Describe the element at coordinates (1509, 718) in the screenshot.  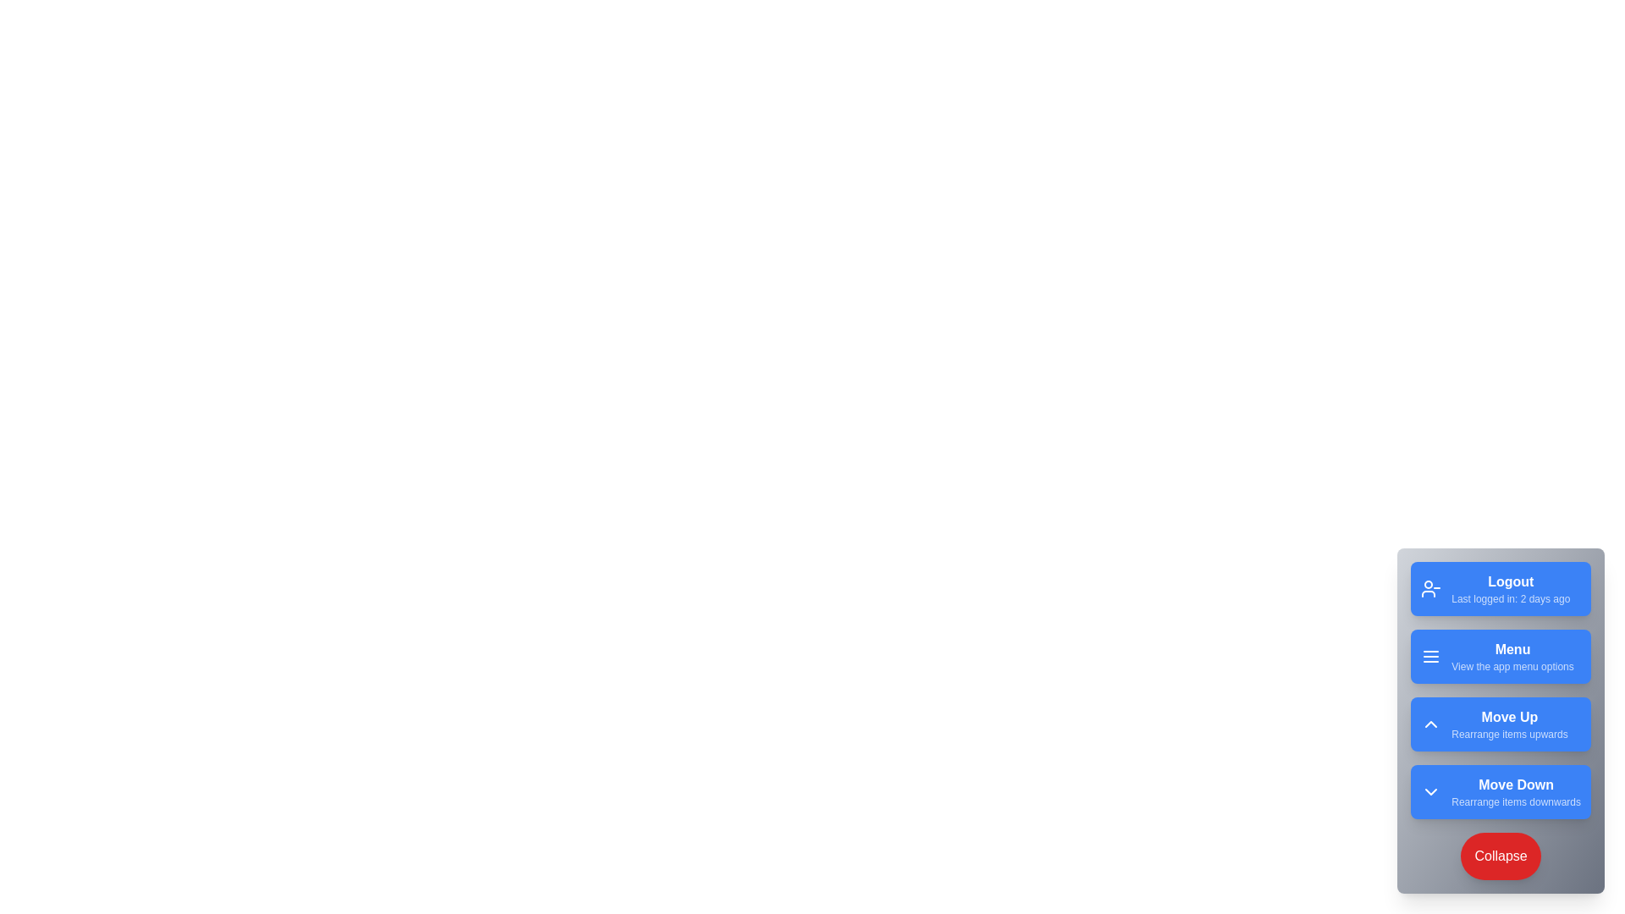
I see `the 'Move Up' text label, which is styled in bold white font on a blue background and located in the third section of a vertical stack of options on the right-hand side of the interface` at that location.